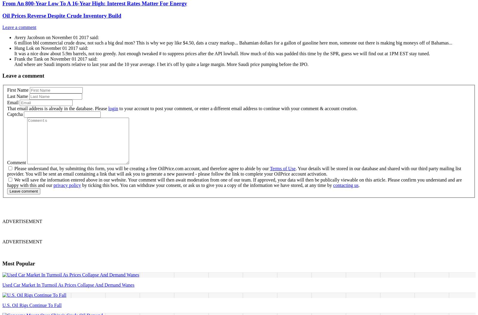 This screenshot has width=478, height=315. Describe the element at coordinates (17, 89) in the screenshot. I see `'First Name'` at that location.